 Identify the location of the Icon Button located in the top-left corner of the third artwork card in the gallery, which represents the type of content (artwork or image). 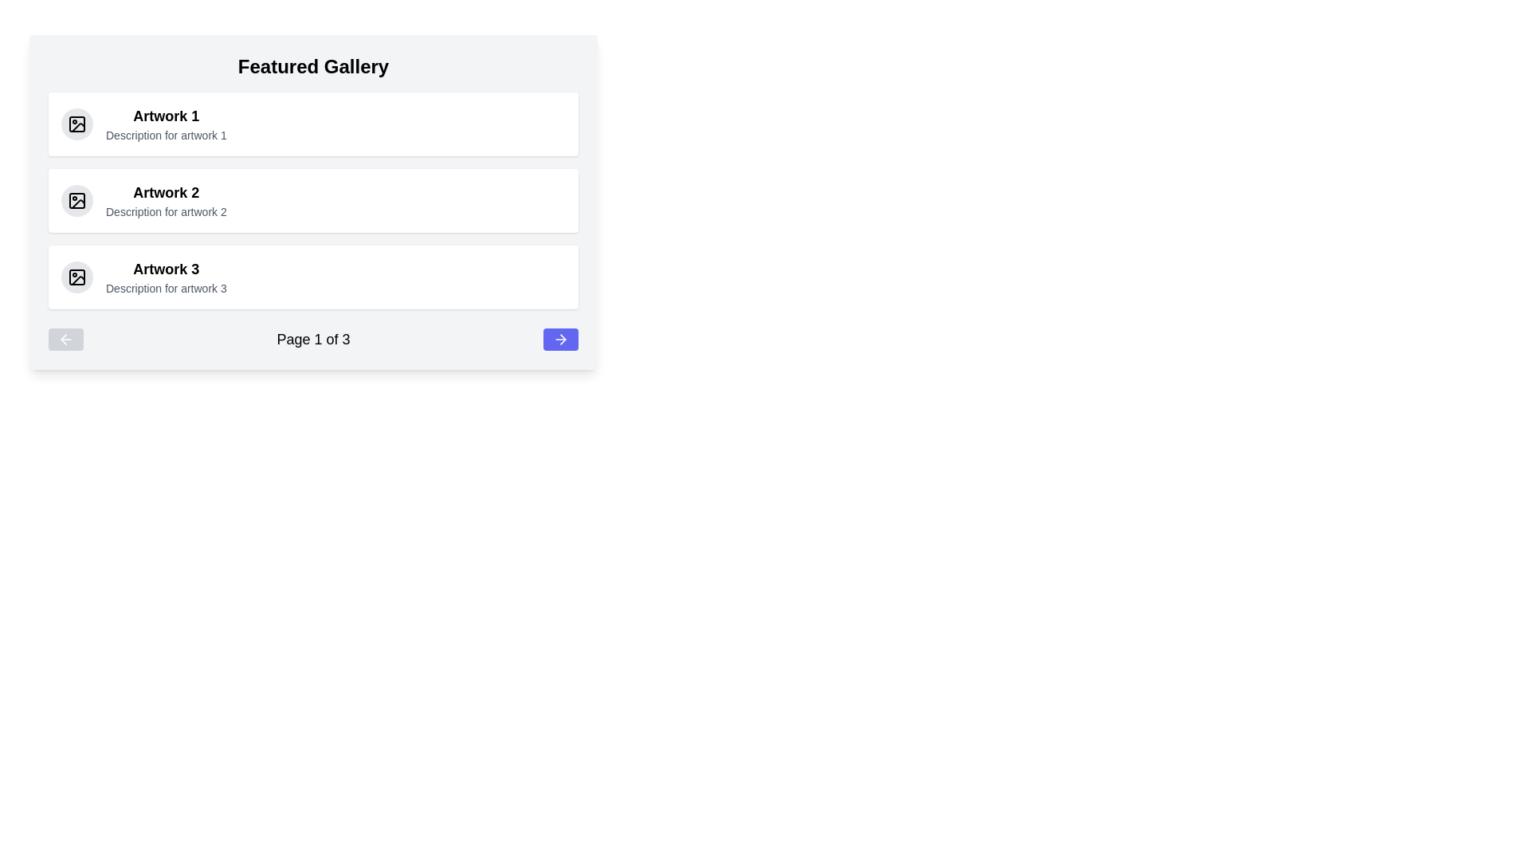
(76, 276).